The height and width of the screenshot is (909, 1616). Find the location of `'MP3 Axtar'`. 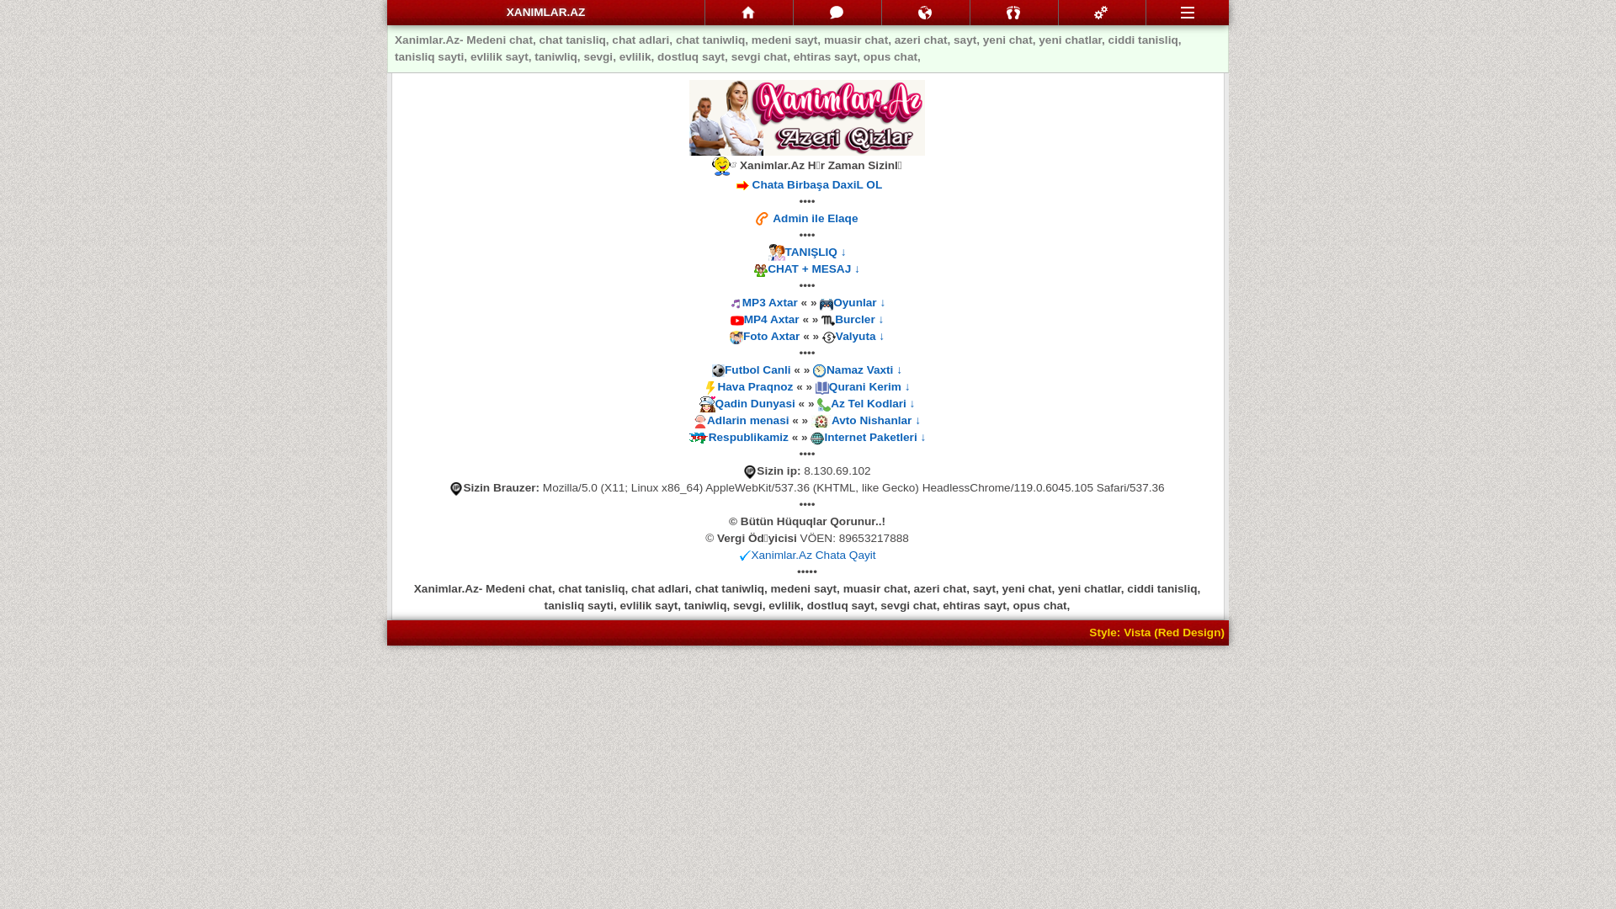

'MP3 Axtar' is located at coordinates (769, 301).